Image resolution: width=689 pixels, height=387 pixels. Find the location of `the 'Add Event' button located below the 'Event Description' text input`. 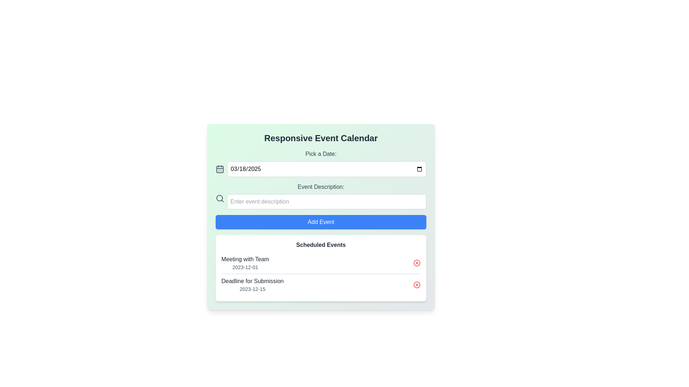

the 'Add Event' button located below the 'Event Description' text input is located at coordinates (320, 216).